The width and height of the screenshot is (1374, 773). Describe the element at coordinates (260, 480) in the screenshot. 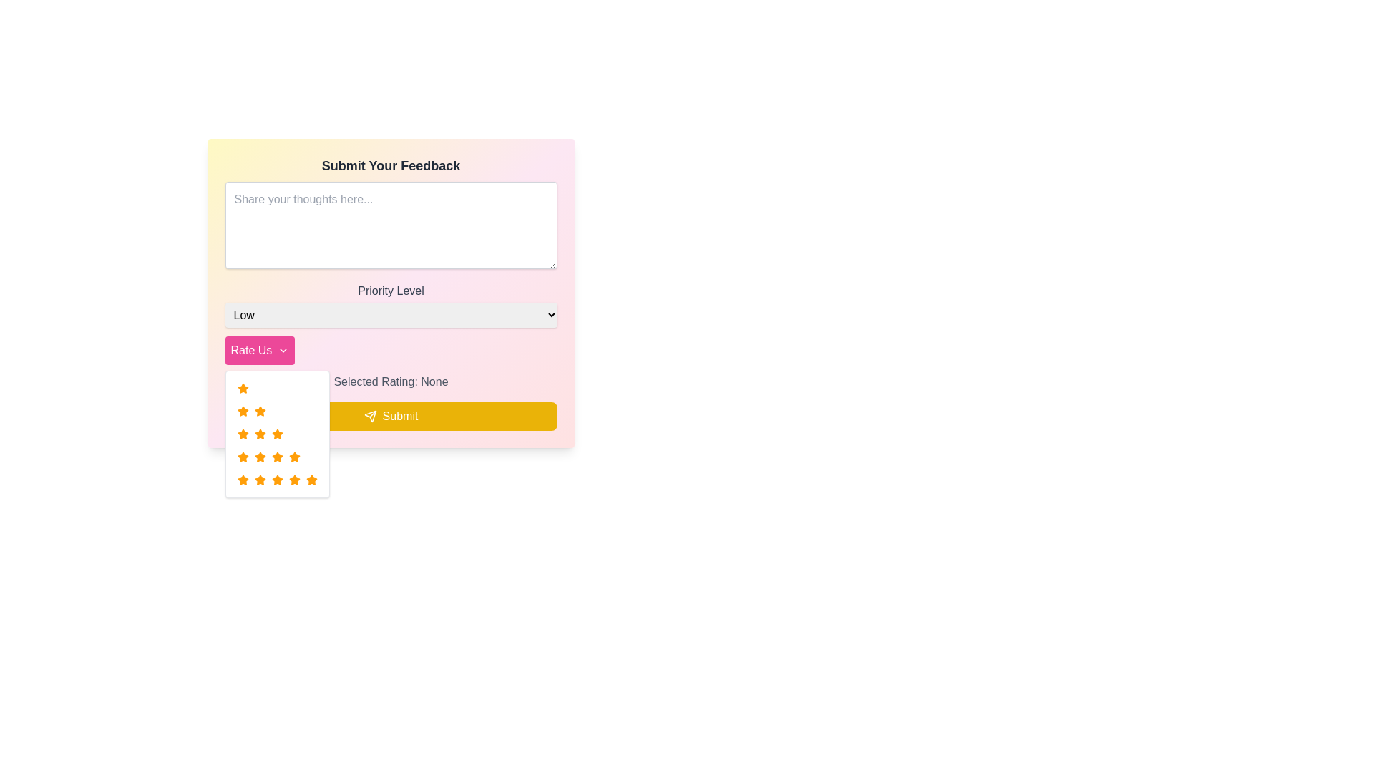

I see `the star icon in the fourth row and fourth column of the rating system` at that location.